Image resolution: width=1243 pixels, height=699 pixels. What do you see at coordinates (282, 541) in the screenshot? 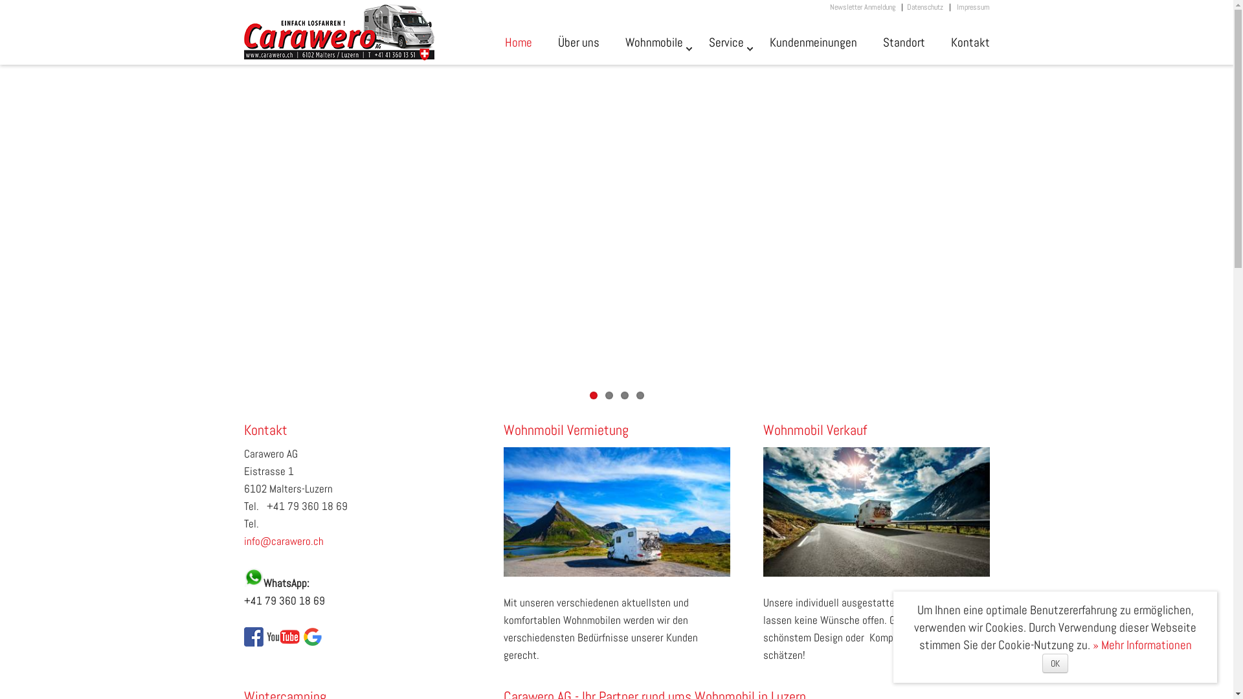
I see `'info@carawero.ch'` at bounding box center [282, 541].